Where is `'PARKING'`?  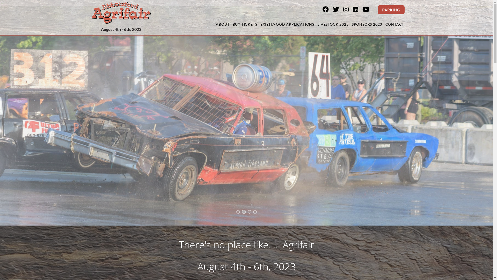
'PARKING' is located at coordinates (391, 10).